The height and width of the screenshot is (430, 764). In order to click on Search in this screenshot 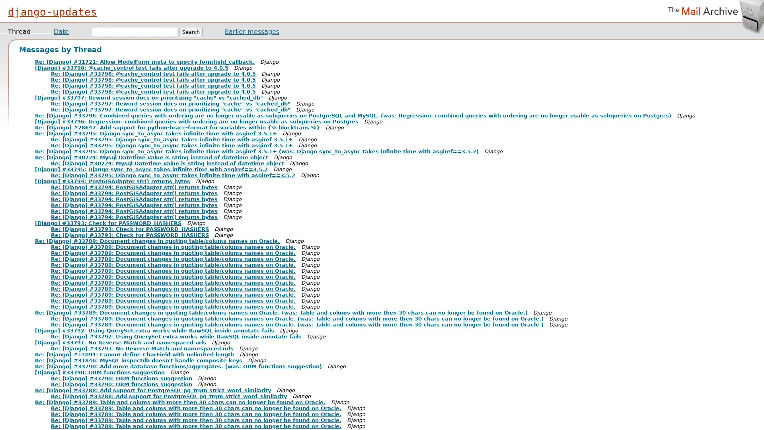, I will do `click(191, 31)`.